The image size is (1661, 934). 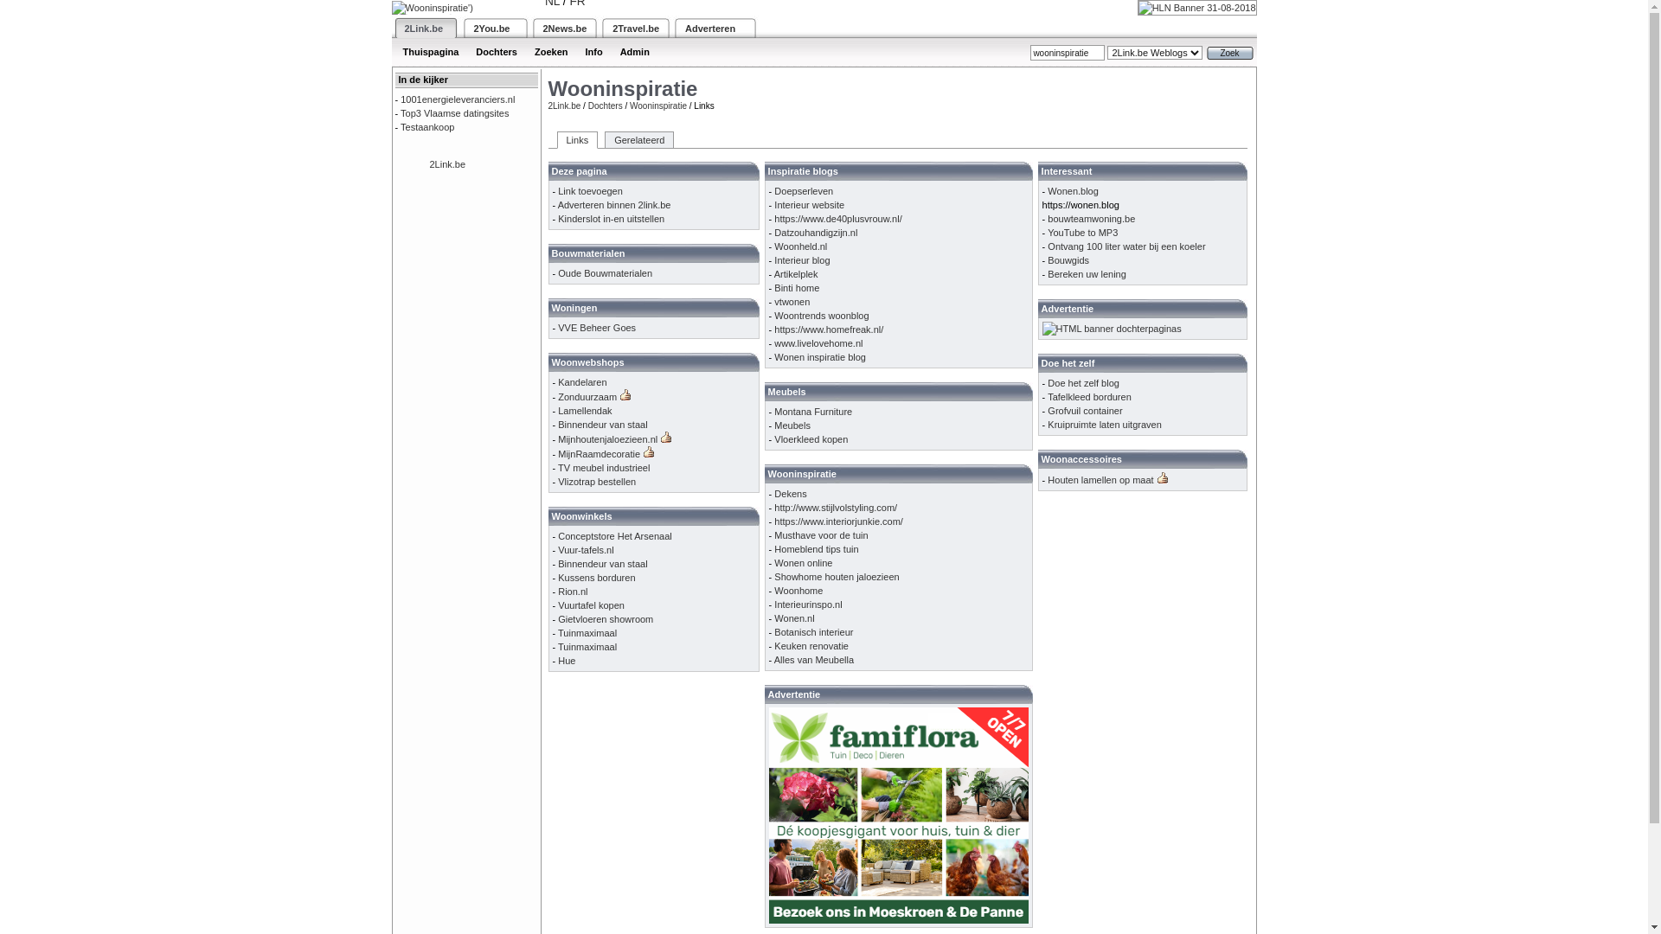 What do you see at coordinates (597, 327) in the screenshot?
I see `'VVE Beheer Goes'` at bounding box center [597, 327].